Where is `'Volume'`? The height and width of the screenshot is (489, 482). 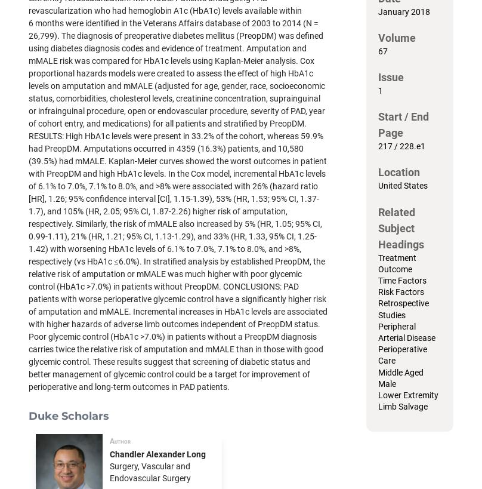
'Volume' is located at coordinates (397, 37).